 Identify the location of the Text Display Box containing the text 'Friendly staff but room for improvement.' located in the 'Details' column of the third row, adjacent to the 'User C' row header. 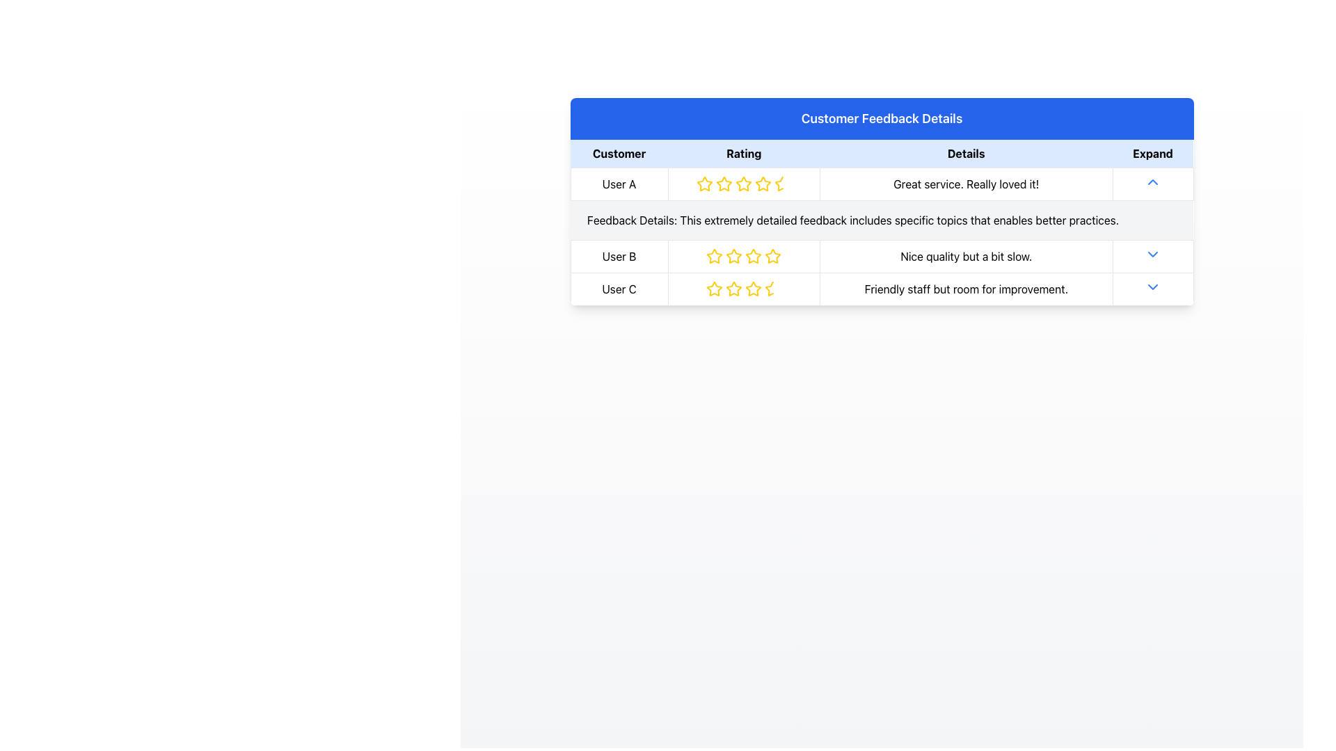
(965, 289).